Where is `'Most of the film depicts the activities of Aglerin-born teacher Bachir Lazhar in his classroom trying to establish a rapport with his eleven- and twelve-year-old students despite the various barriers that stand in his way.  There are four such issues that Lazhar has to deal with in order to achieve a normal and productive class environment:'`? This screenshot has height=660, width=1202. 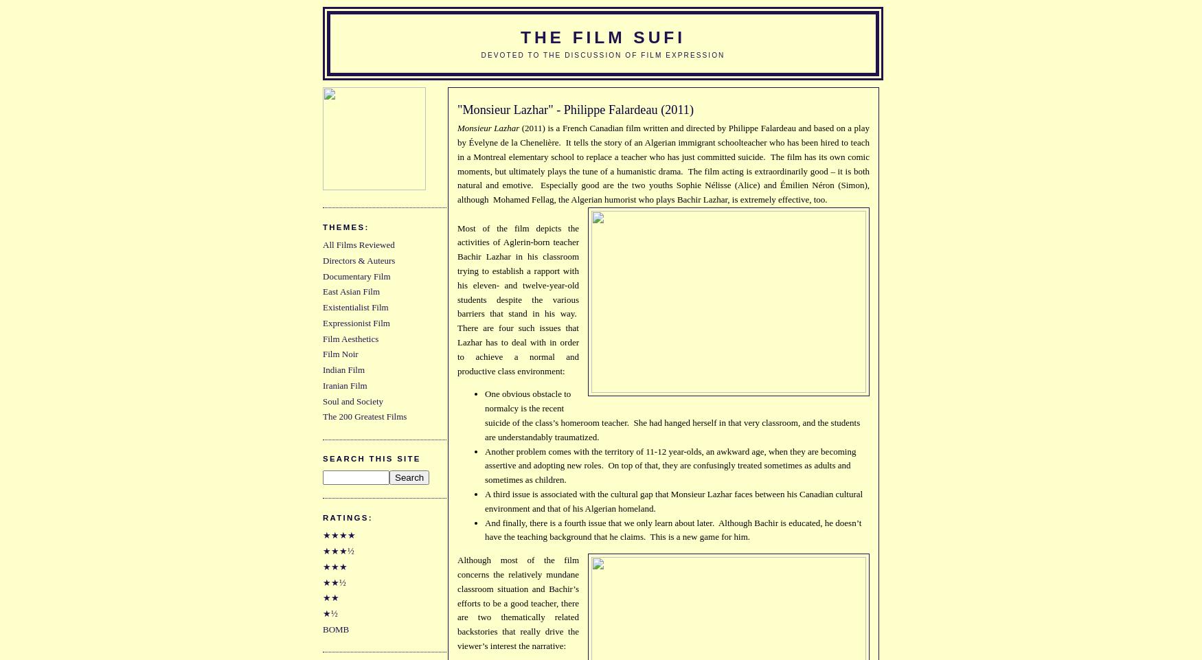 'Most of the film depicts the activities of Aglerin-born teacher Bachir Lazhar in his classroom trying to establish a rapport with his eleven- and twelve-year-old students despite the various barriers that stand in his way.  There are four such issues that Lazhar has to deal with in order to achieve a normal and productive class environment:' is located at coordinates (517, 298).